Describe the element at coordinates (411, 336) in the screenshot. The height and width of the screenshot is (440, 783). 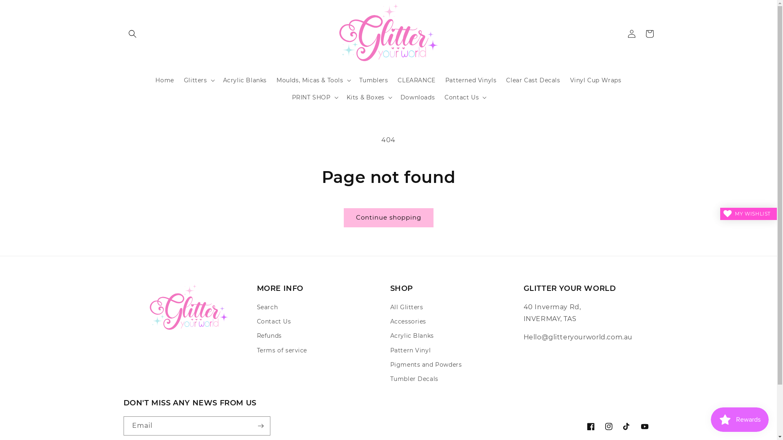
I see `'Acrylic Blanks'` at that location.